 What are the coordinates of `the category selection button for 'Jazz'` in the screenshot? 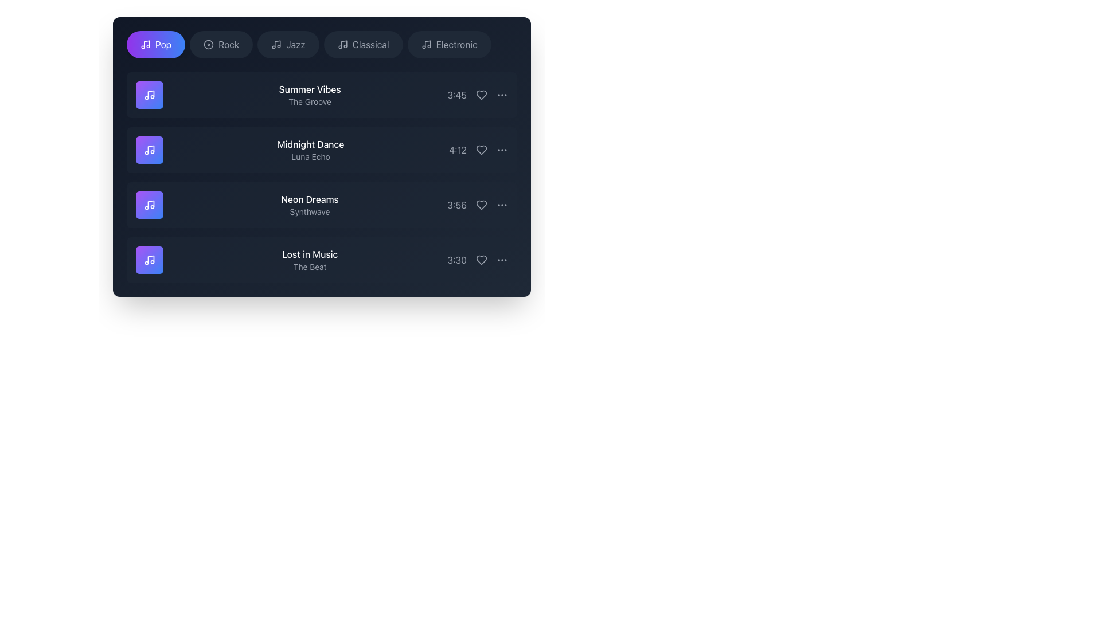 It's located at (295, 44).